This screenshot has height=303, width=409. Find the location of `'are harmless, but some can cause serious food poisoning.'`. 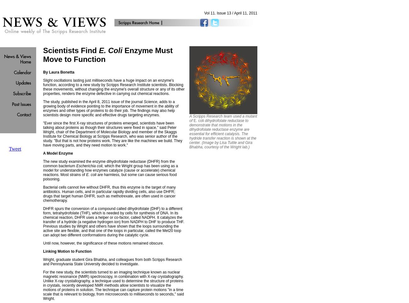

'are harmless, but some can cause serious food poisoning.' is located at coordinates (109, 177).